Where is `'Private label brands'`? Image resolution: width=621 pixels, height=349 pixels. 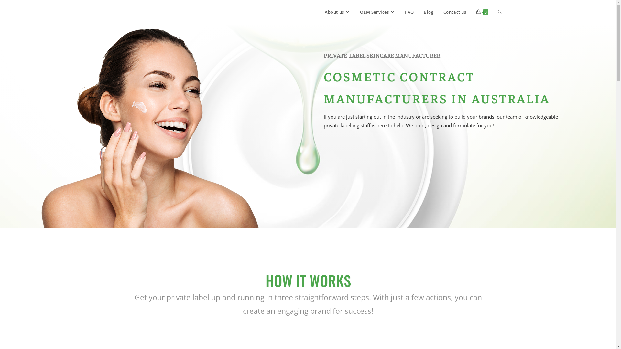
'Private label brands' is located at coordinates (35, 126).